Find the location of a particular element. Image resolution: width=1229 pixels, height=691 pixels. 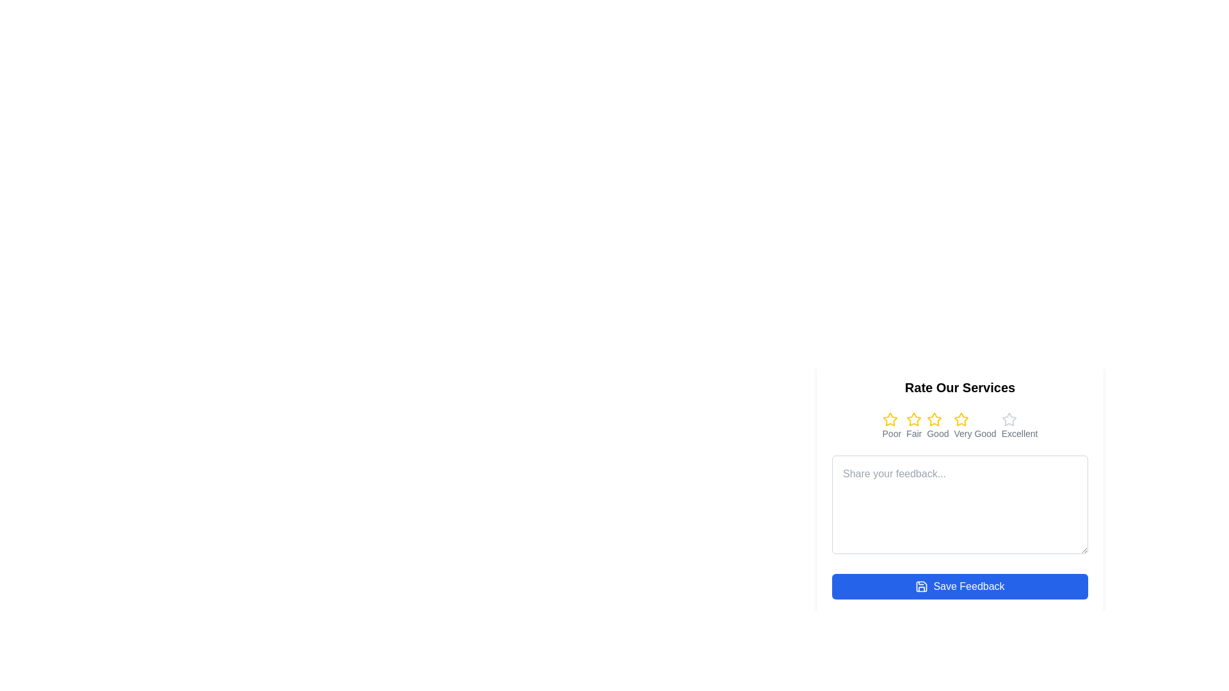

the star for the 'Excellent' rating option is located at coordinates (1019, 426).